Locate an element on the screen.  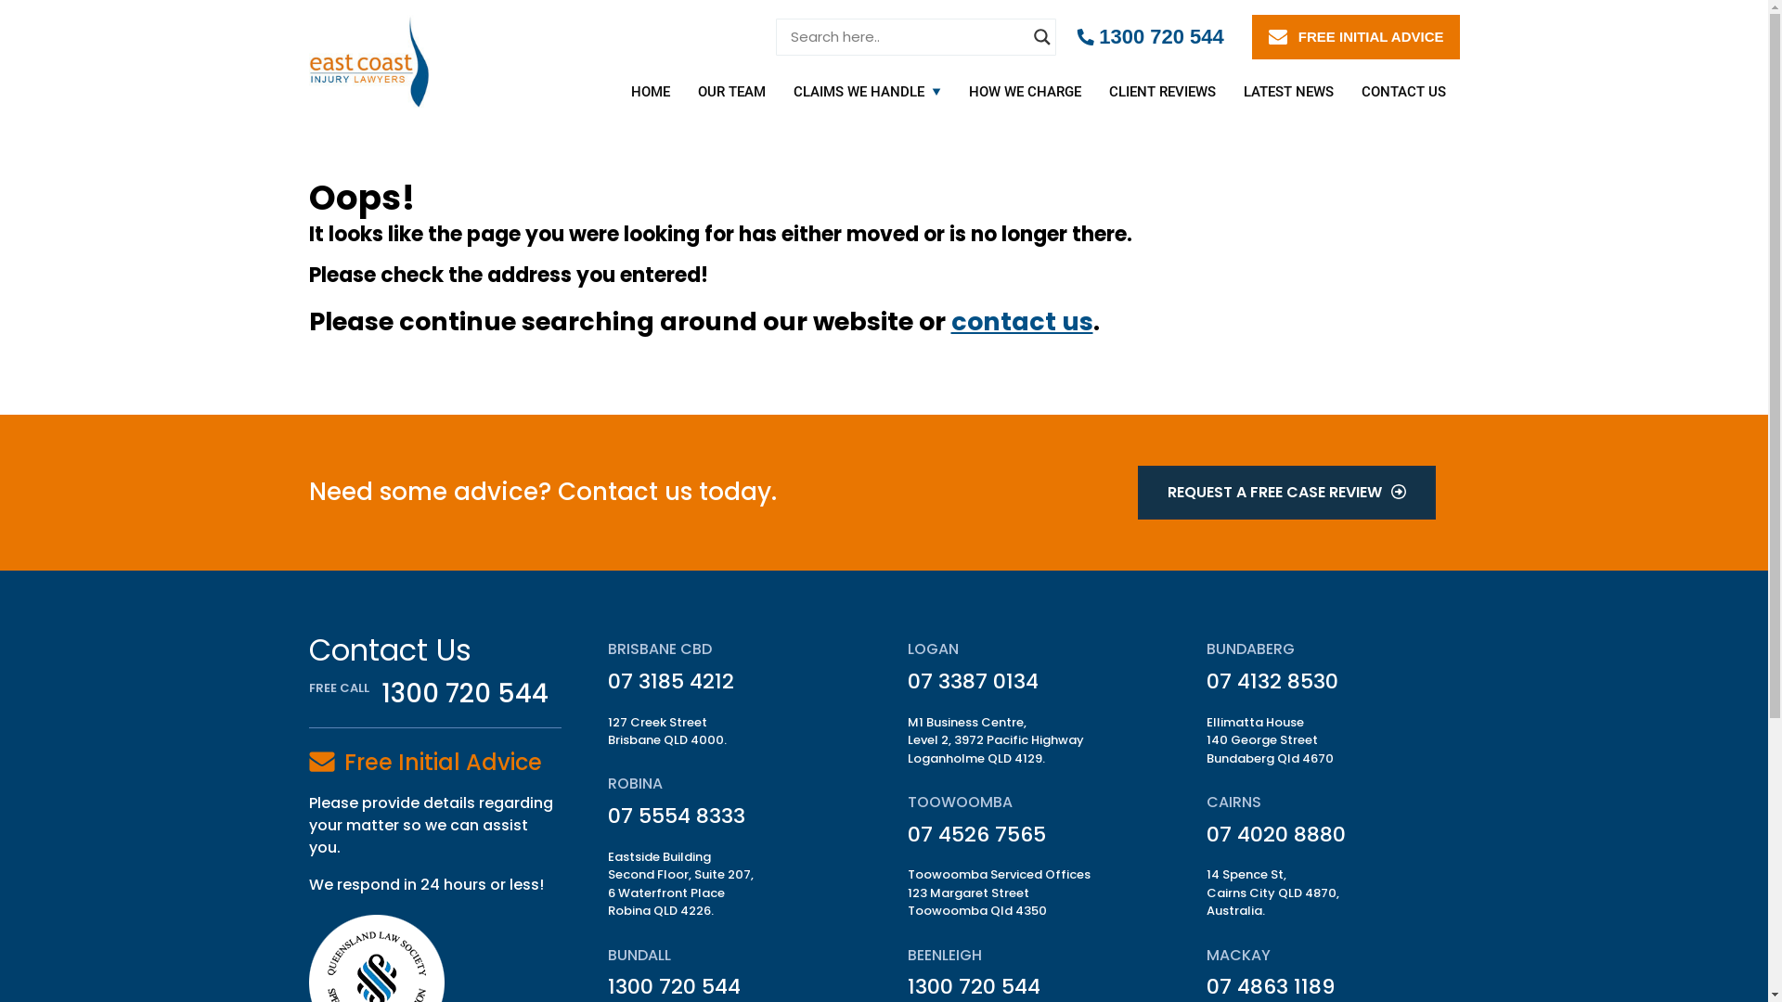
'OUR TEAM' is located at coordinates (730, 92).